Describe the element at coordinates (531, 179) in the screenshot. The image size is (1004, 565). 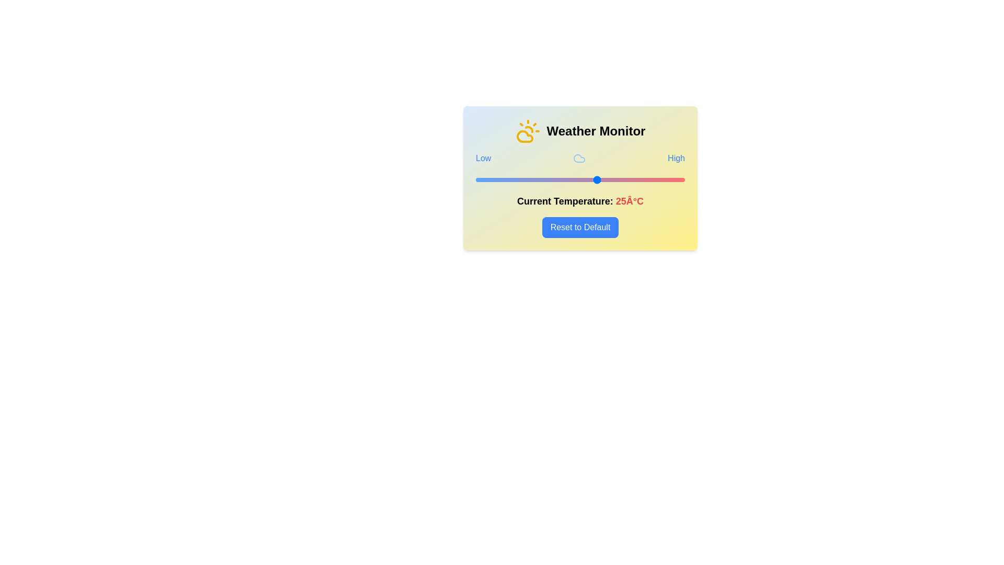
I see `the temperature to 6°C using the slider` at that location.